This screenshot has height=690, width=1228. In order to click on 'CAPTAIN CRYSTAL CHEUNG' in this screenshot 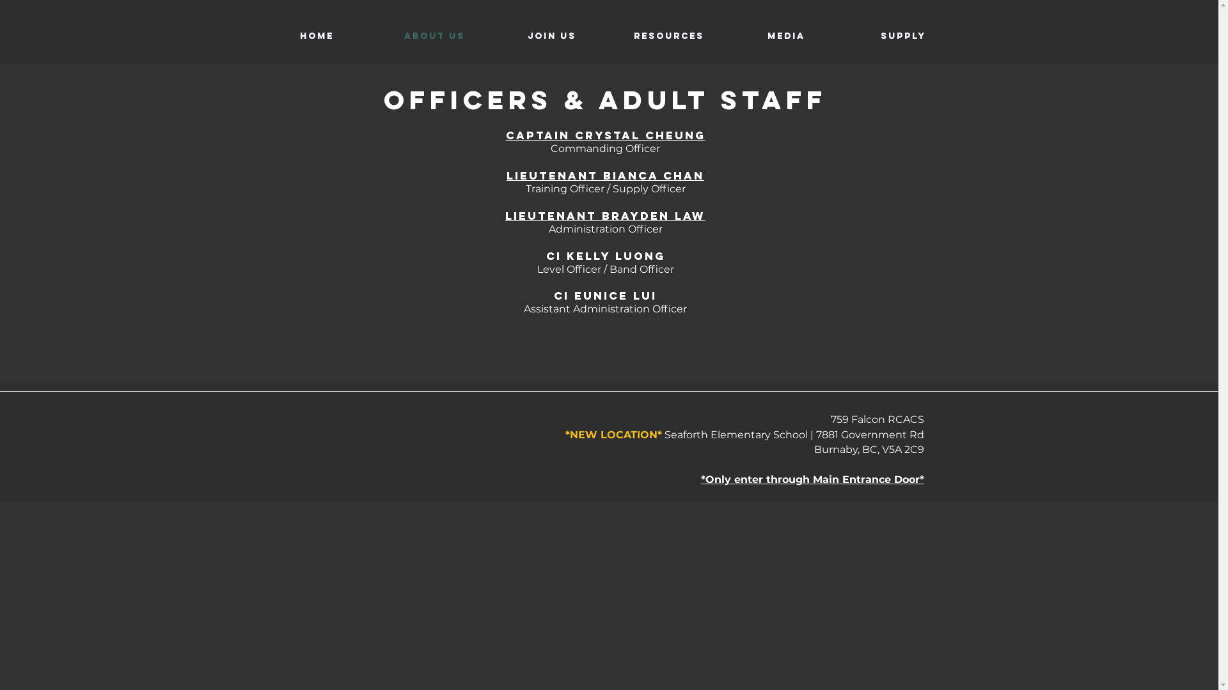, I will do `click(604, 135)`.